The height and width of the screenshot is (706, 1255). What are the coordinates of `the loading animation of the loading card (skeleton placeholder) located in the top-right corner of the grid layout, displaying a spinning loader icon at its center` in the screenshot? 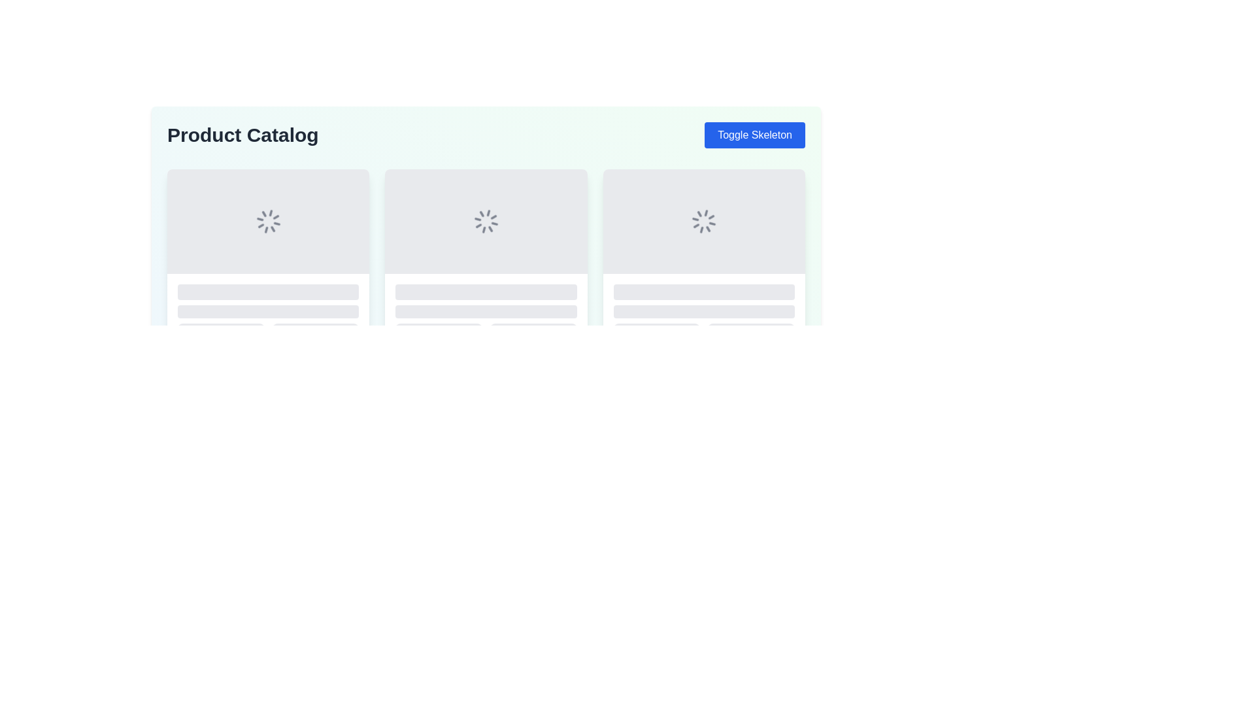 It's located at (703, 257).